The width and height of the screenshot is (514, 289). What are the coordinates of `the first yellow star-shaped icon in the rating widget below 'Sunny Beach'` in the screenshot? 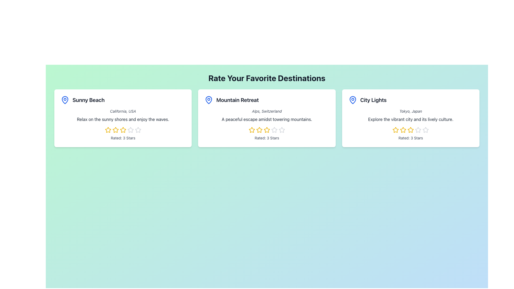 It's located at (108, 130).